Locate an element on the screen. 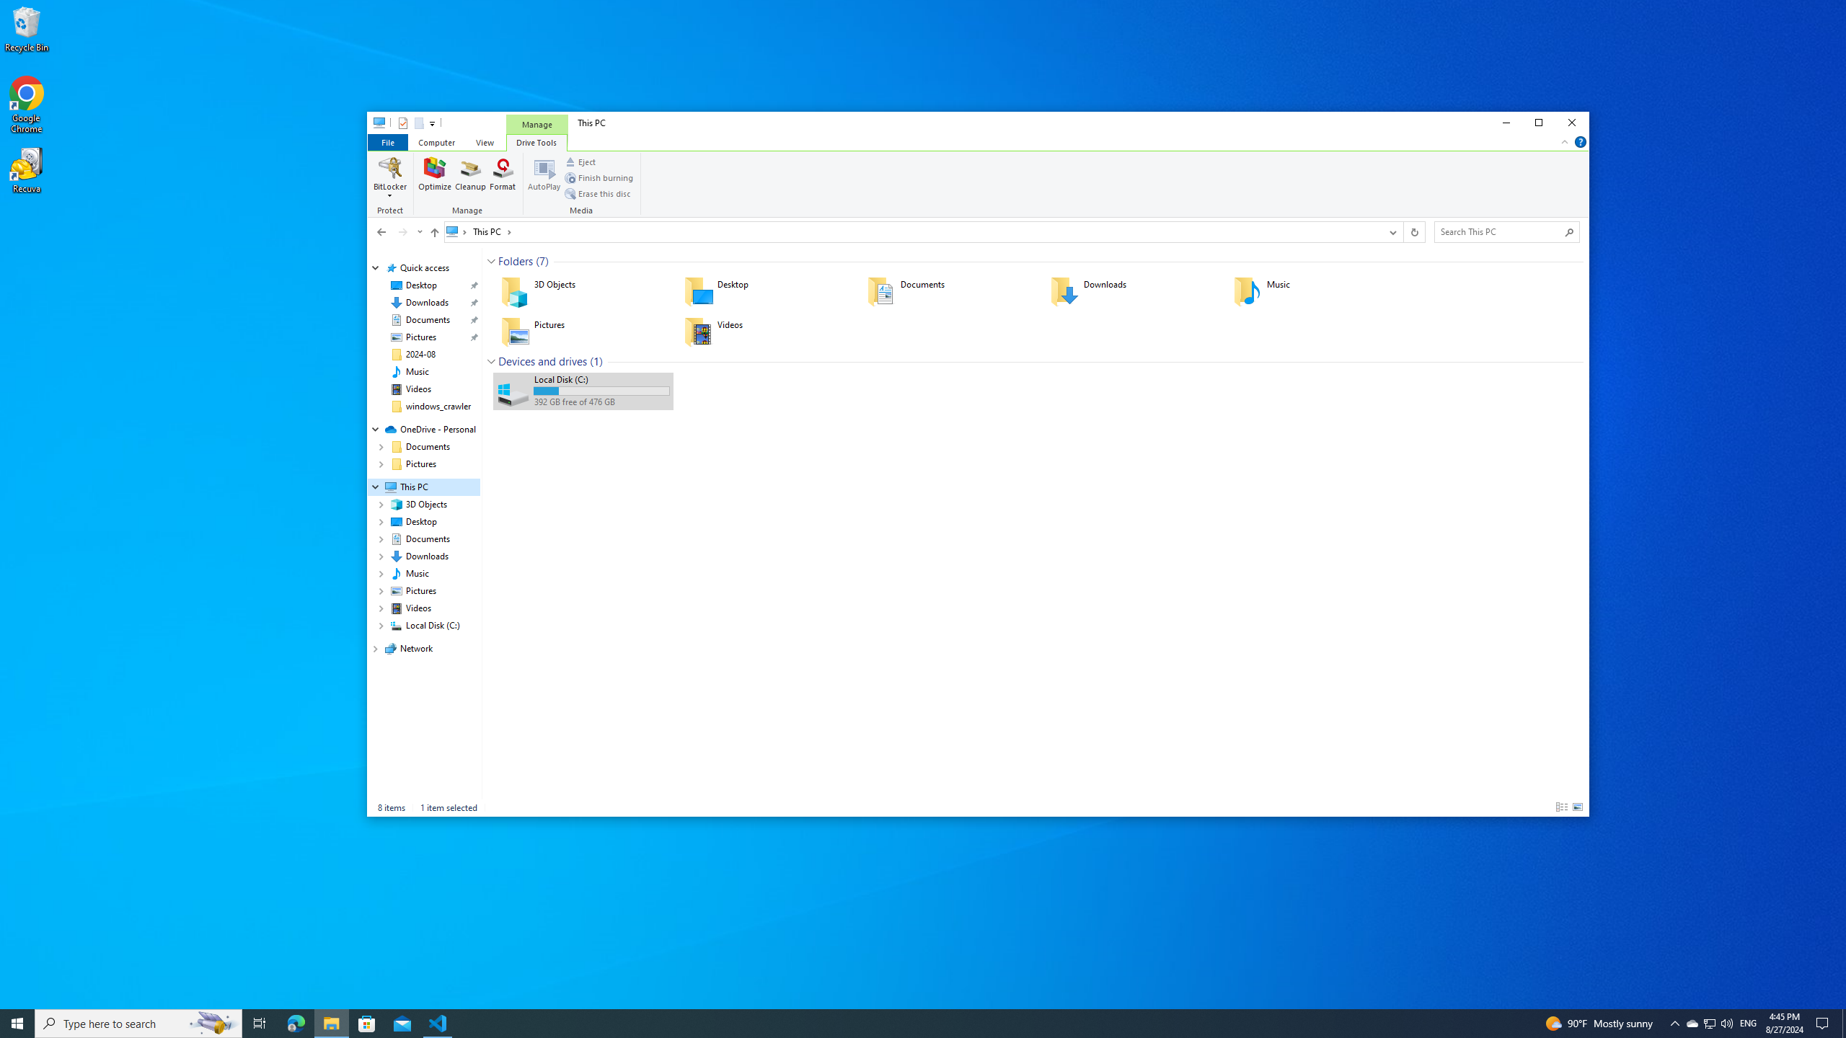 Image resolution: width=1846 pixels, height=1038 pixels. 'Start' is located at coordinates (17, 1022).